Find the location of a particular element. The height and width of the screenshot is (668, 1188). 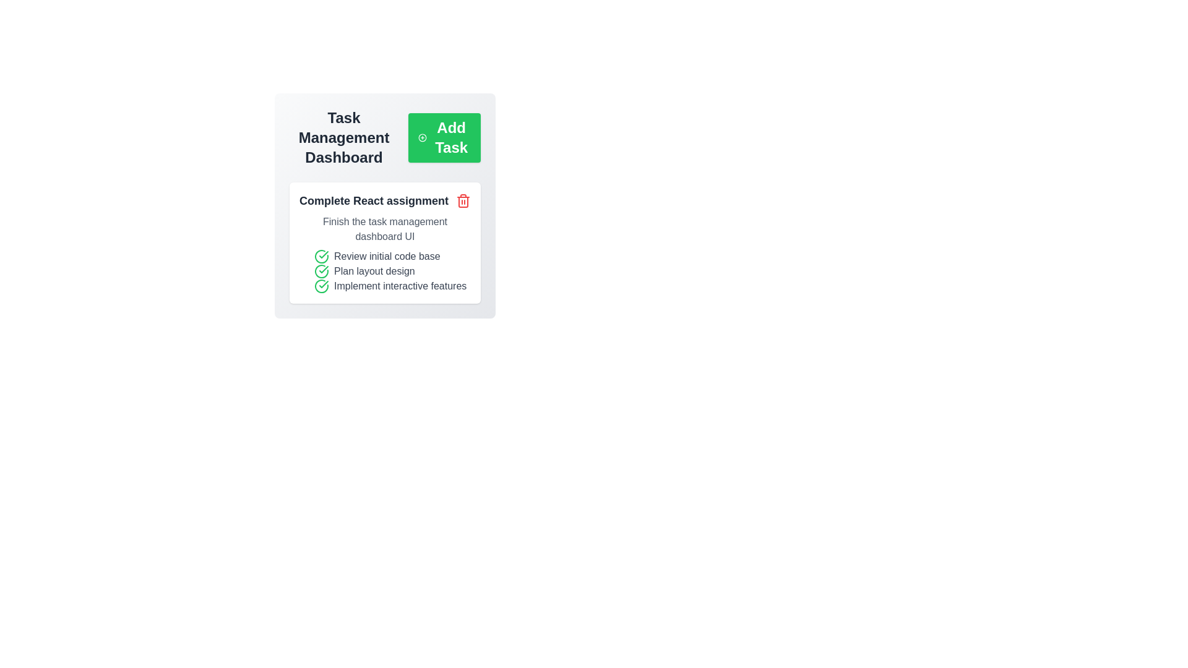

the red rectangular body of the trash bin icon located in the right section of the task card titled 'Complete React assignment' is located at coordinates (462, 202).